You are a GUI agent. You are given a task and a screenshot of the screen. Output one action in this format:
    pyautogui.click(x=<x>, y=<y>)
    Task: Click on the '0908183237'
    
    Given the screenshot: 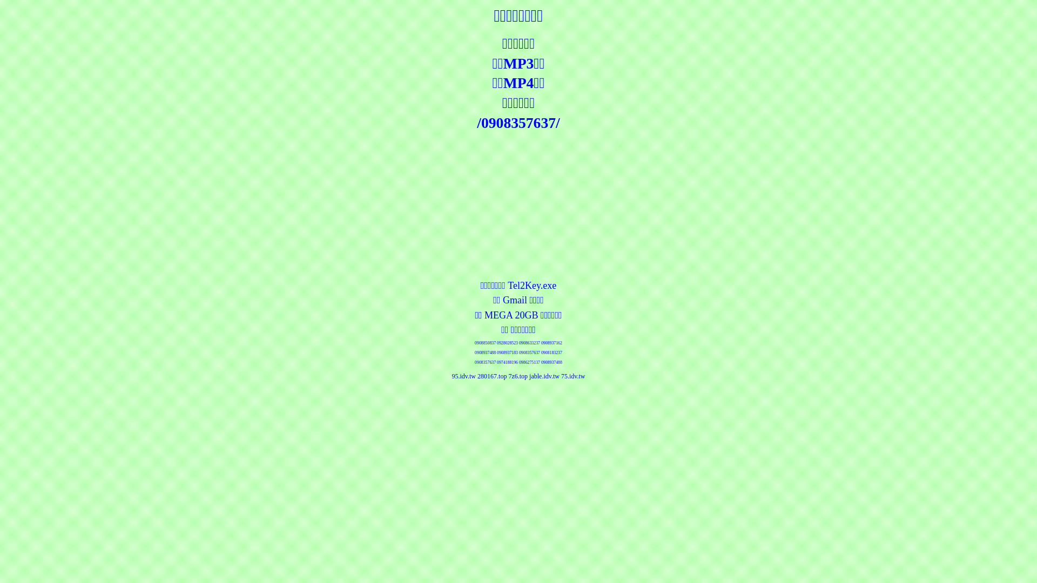 What is the action you would take?
    pyautogui.click(x=551, y=352)
    